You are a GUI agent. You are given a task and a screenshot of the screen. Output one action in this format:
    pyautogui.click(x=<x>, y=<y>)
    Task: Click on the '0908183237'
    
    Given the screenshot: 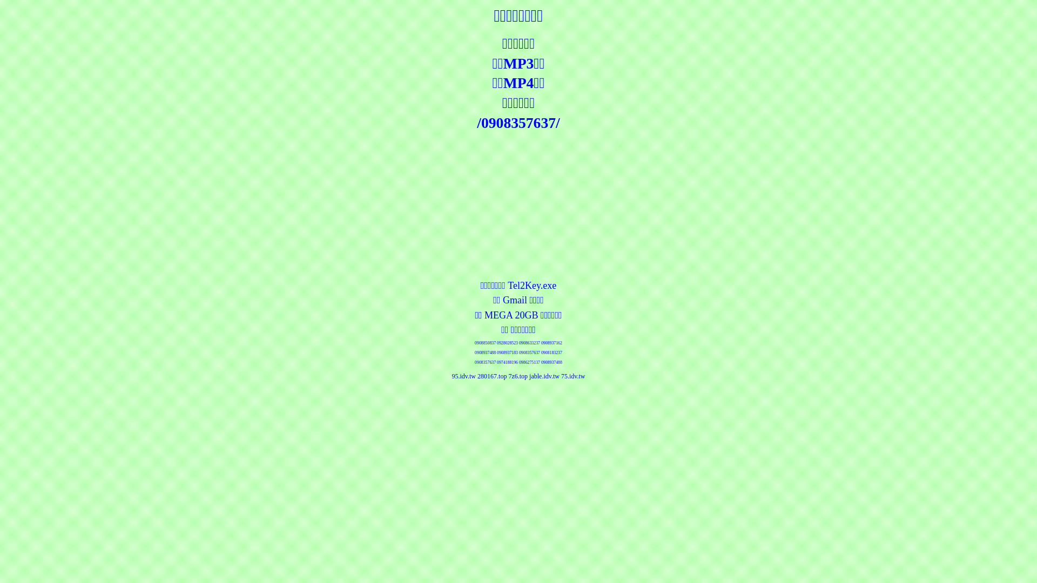 What is the action you would take?
    pyautogui.click(x=551, y=352)
    